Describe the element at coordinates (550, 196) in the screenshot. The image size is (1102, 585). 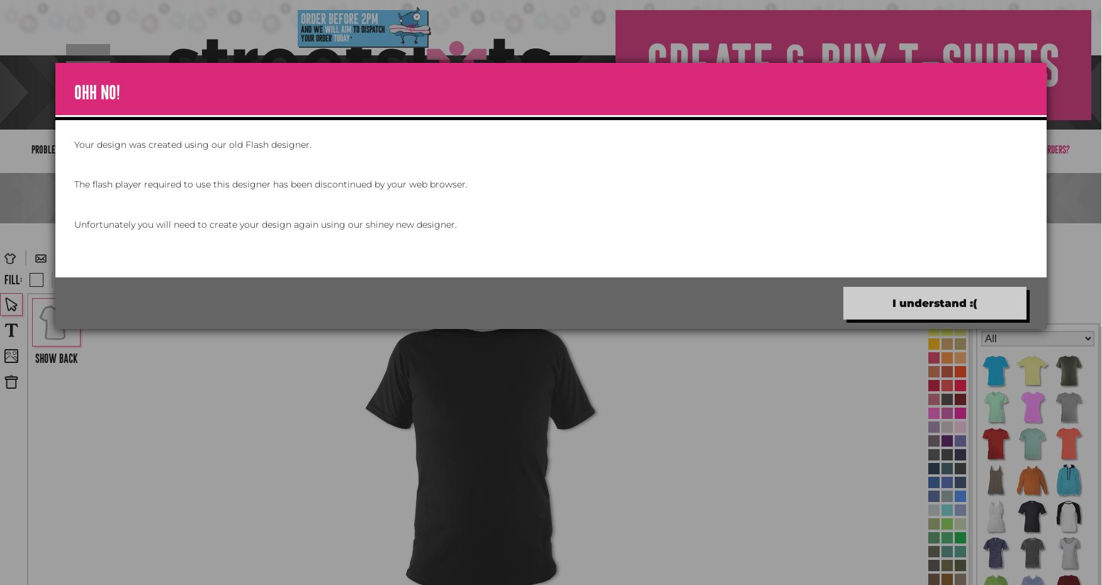
I see `'Design Your Own T Shirts Using Our Award-Winning Software'` at that location.